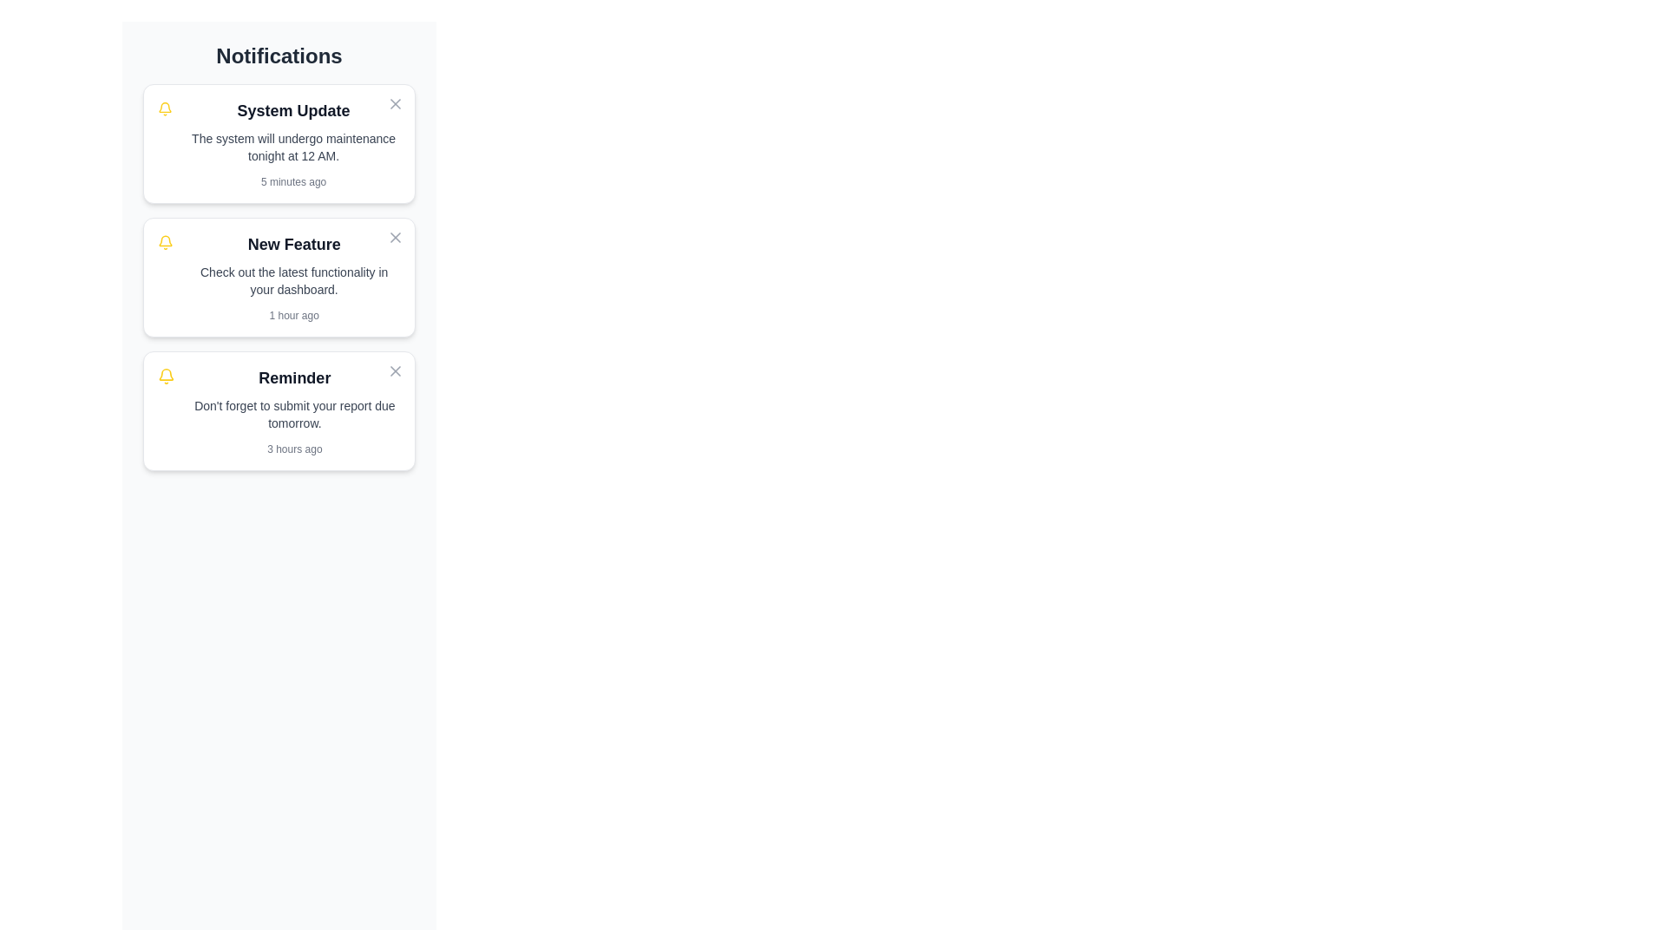  Describe the element at coordinates (166, 243) in the screenshot. I see `the small yellow bell icon, which is located in the upper-left corner of the 'New Feature' notification card in the notification list` at that location.